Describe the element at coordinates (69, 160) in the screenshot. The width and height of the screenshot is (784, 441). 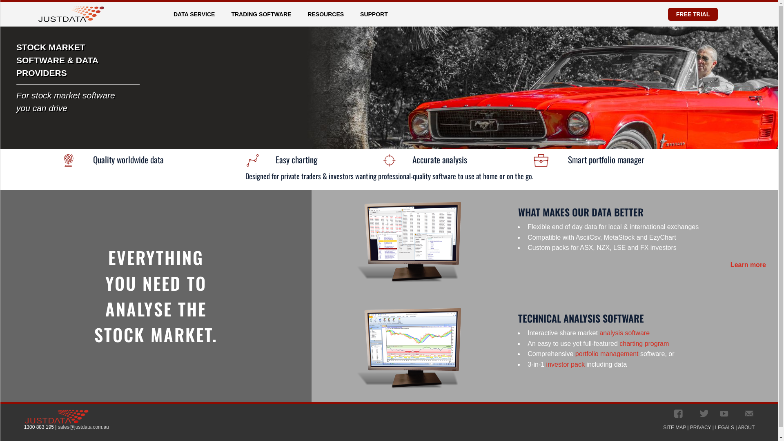
I see `'Quality Worldwide Data'` at that location.